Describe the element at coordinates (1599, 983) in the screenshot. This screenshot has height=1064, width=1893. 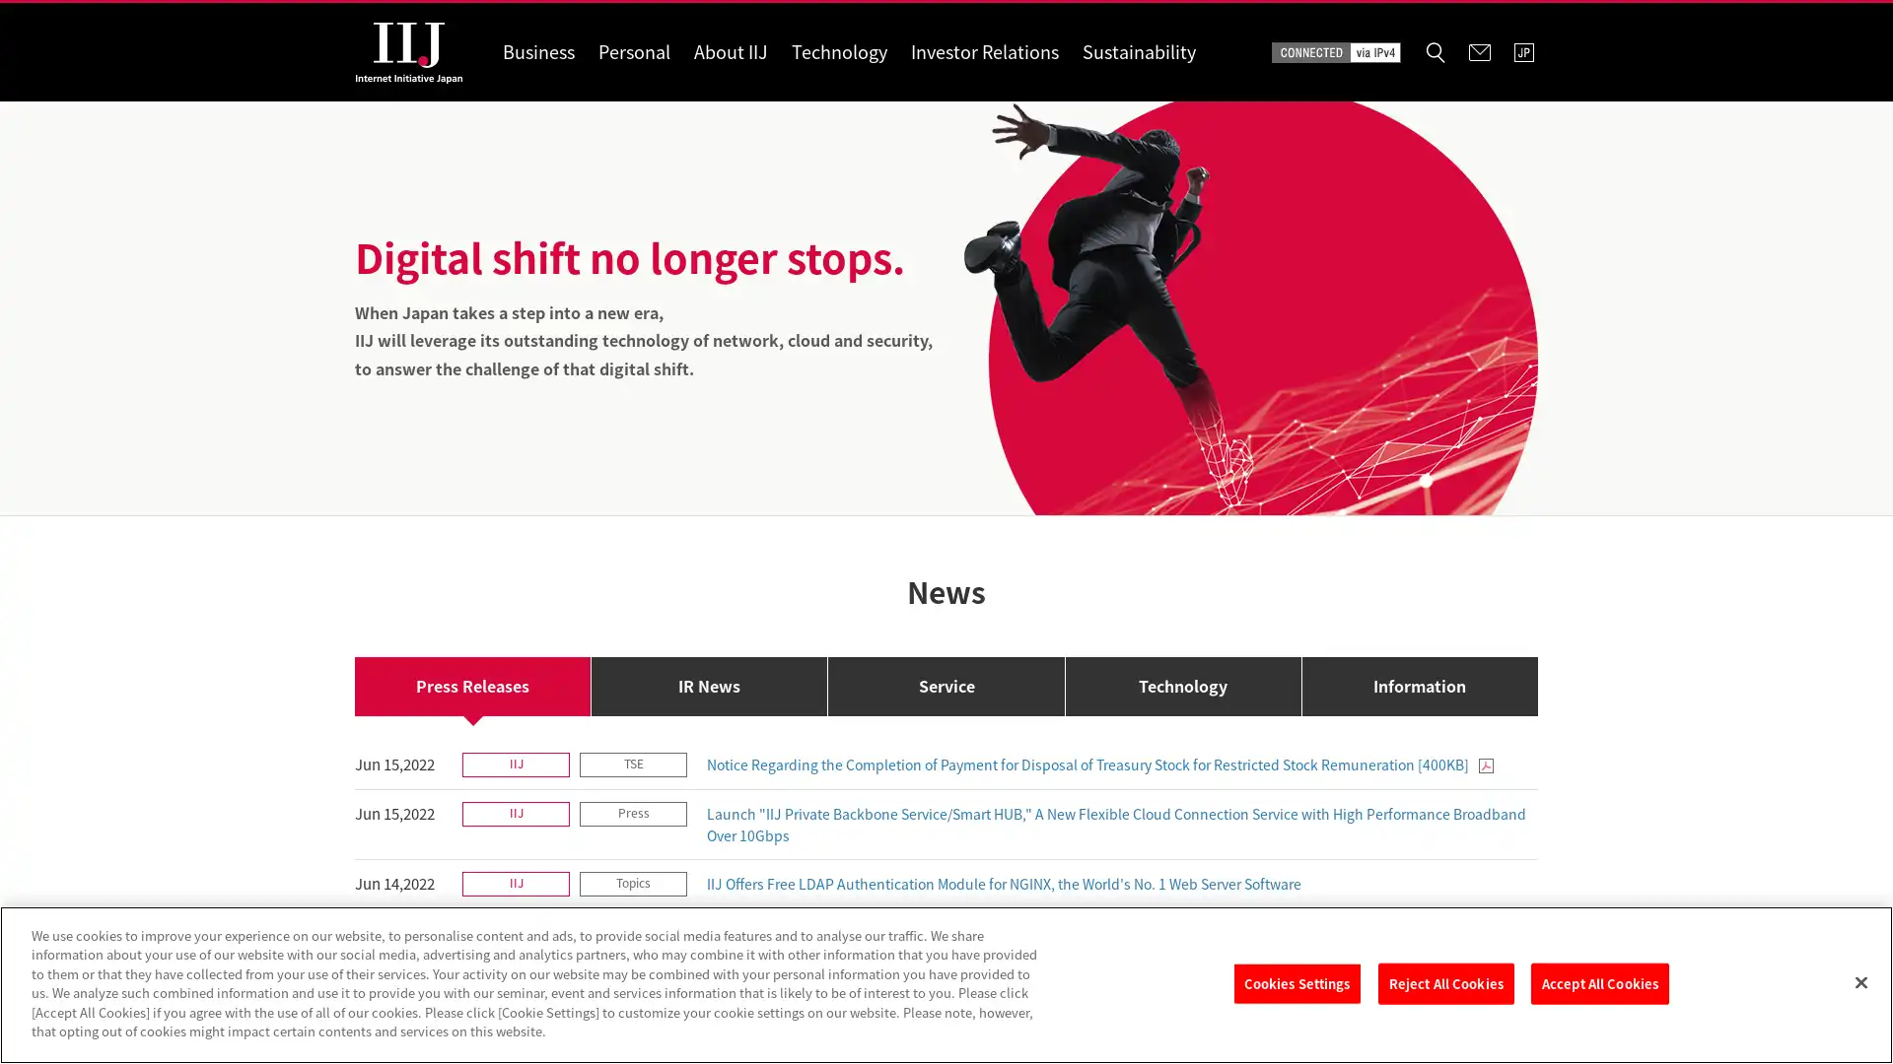
I see `Accept All Cookies` at that location.